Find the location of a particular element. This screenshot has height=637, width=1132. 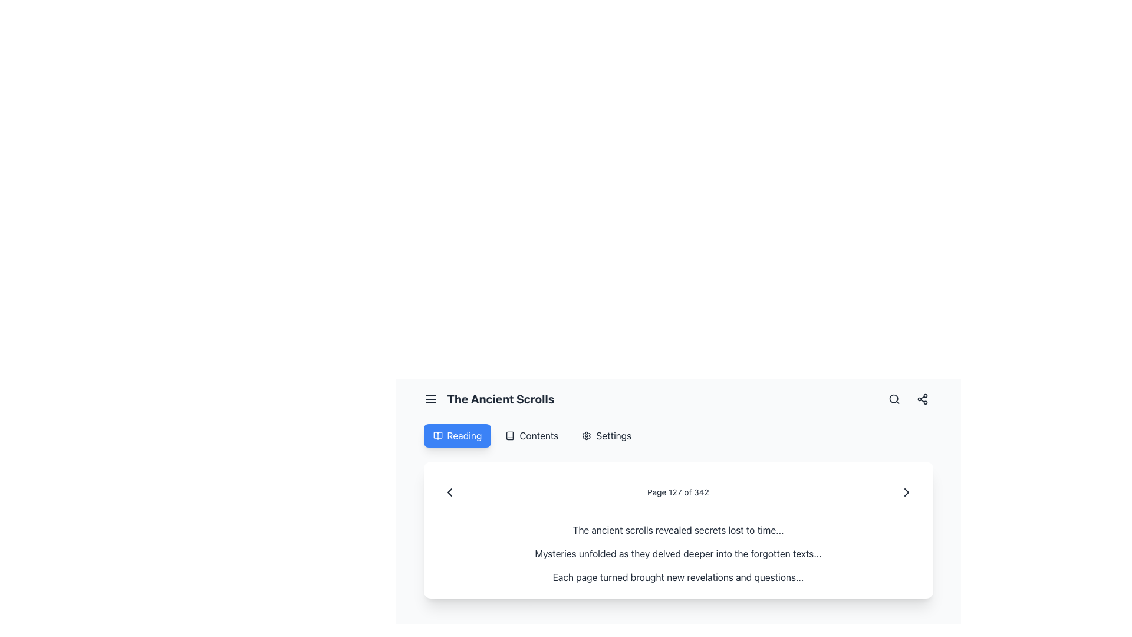

the informational text label that displays the current page number and total number of pages, located between the navigation buttons with chevron icons is located at coordinates (678, 492).